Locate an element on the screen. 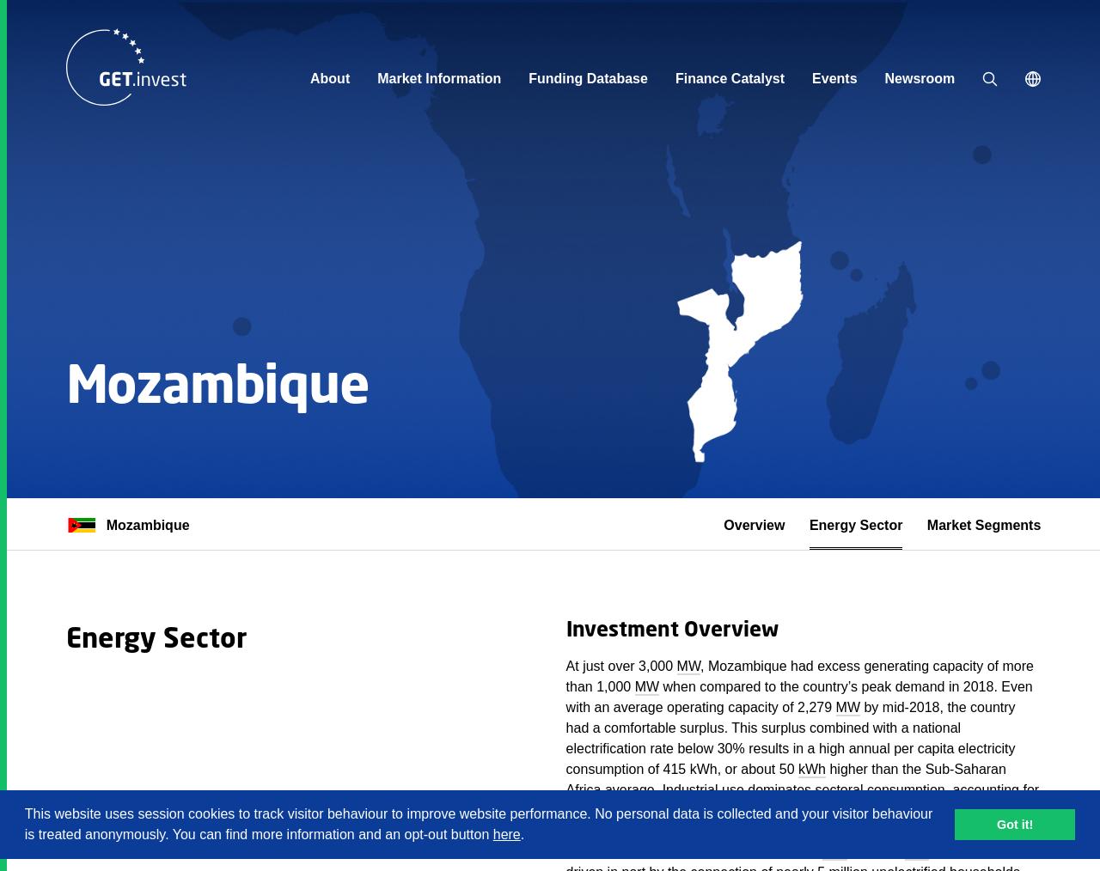 The image size is (1100, 871). 'Investment Overview' is located at coordinates (670, 630).